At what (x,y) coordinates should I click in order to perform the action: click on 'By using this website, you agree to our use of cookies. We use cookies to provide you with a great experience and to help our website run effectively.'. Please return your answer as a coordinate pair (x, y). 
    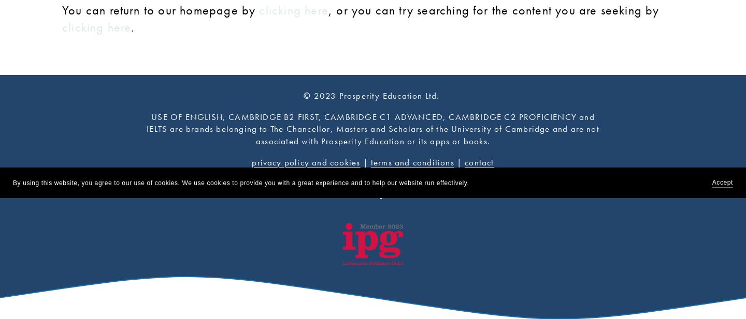
    Looking at the image, I should click on (240, 182).